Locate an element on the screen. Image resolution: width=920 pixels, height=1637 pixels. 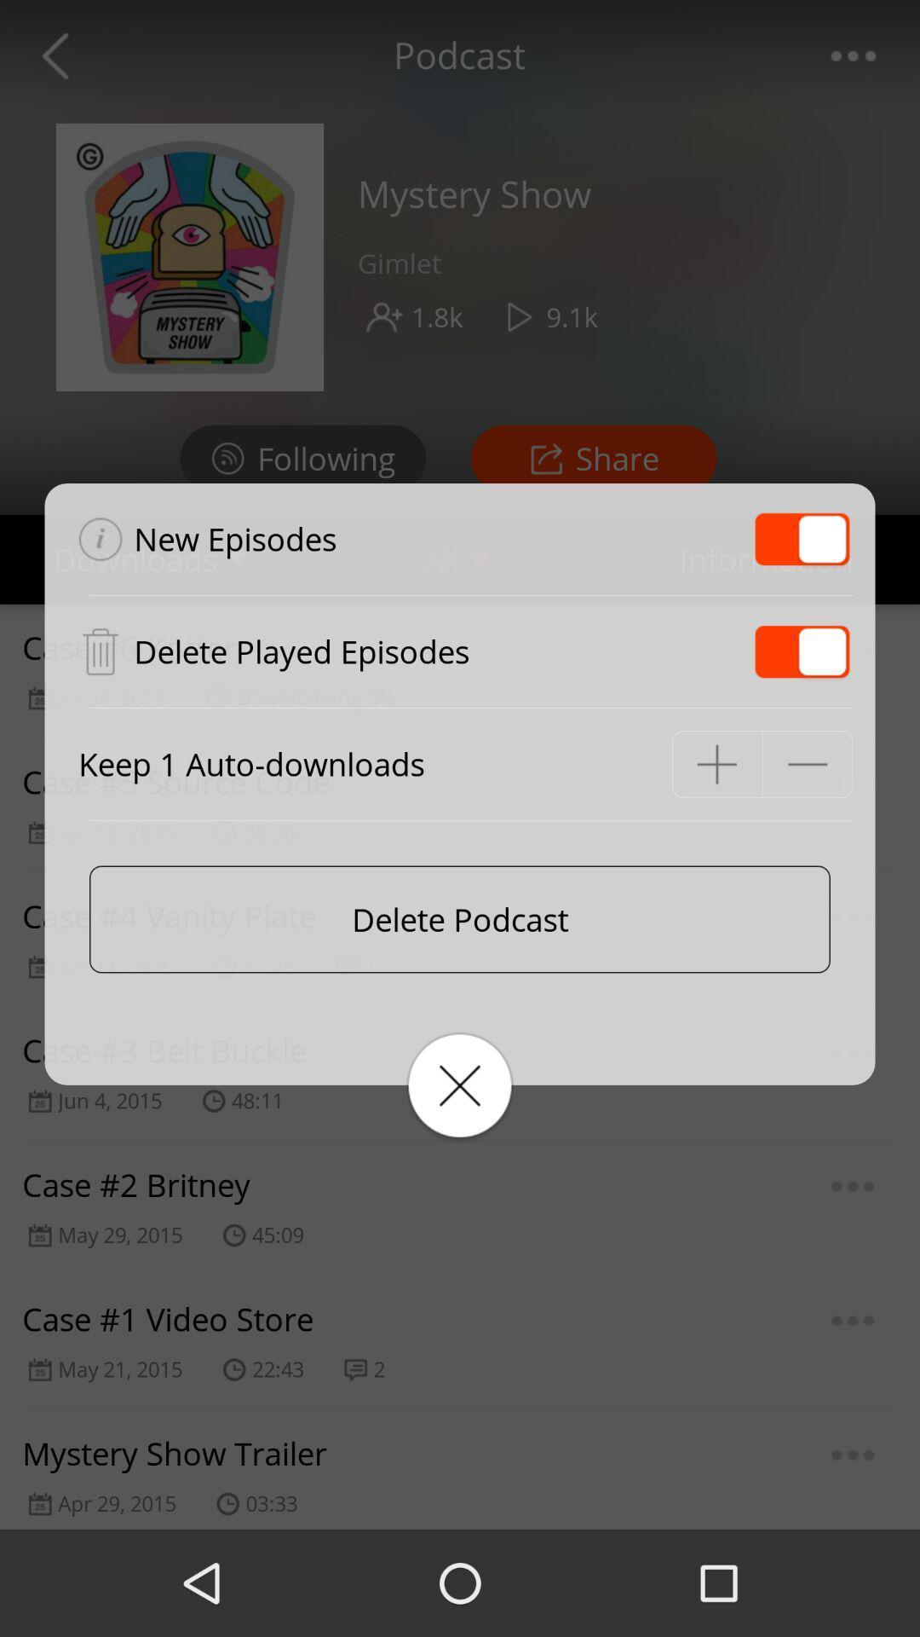
increase number of auto-downloads is located at coordinates (716, 763).